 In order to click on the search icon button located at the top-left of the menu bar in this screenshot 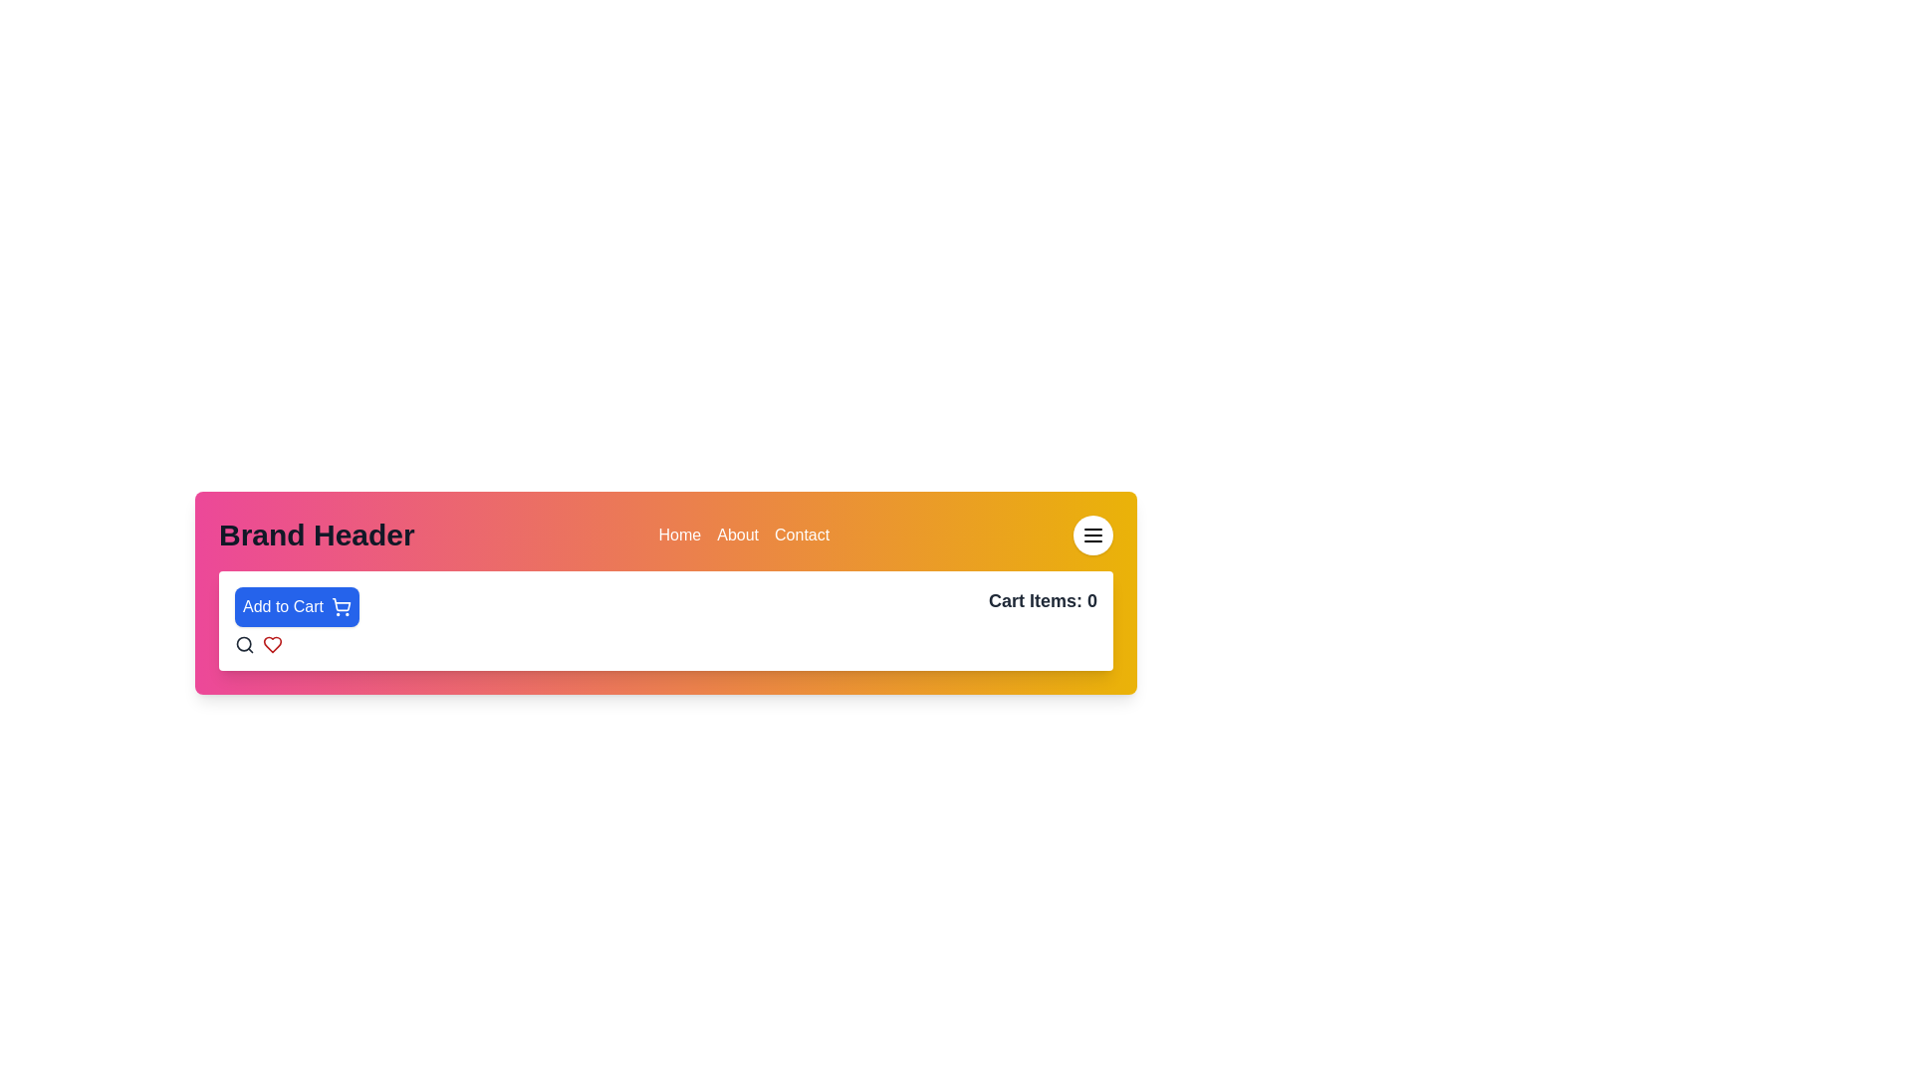, I will do `click(243, 645)`.